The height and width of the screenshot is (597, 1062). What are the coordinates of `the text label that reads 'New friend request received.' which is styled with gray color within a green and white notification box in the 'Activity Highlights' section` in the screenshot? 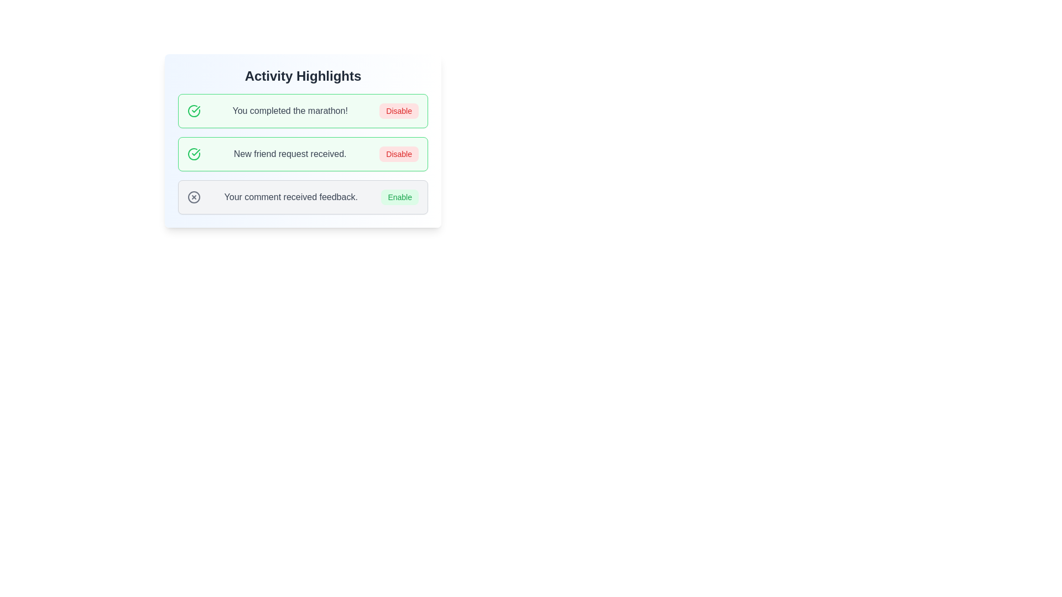 It's located at (290, 154).